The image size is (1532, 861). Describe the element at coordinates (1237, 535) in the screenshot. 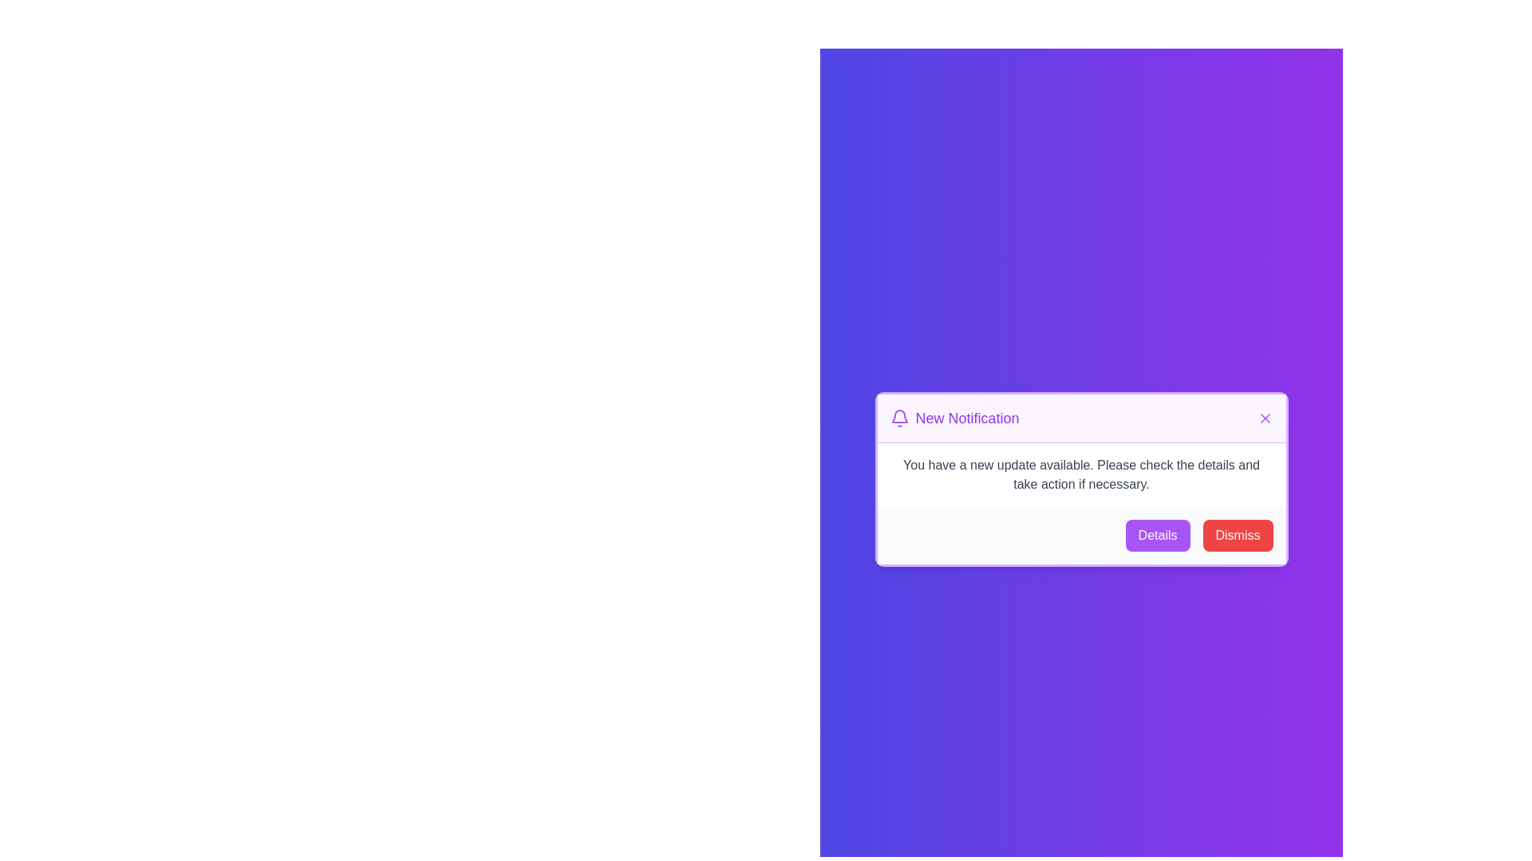

I see `the 'Dismiss' button, which is a red rectangular button with white text in bold, located at the bottom right corner of the notification dialog` at that location.